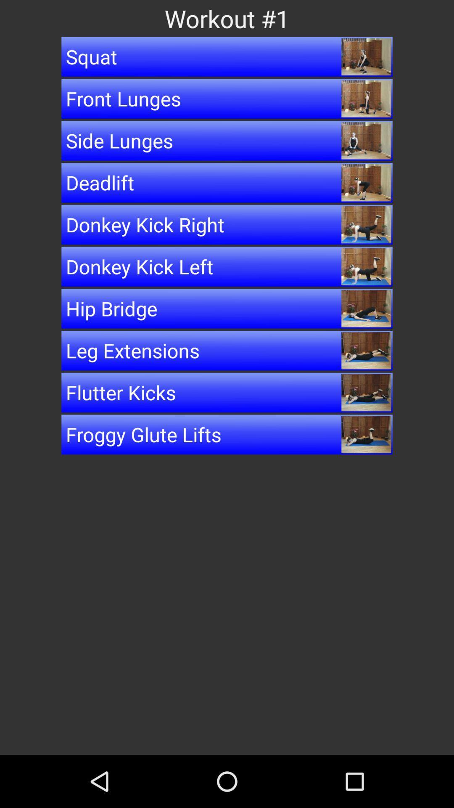 Image resolution: width=454 pixels, height=808 pixels. Describe the element at coordinates (227, 392) in the screenshot. I see `item above froggy glute lifts` at that location.